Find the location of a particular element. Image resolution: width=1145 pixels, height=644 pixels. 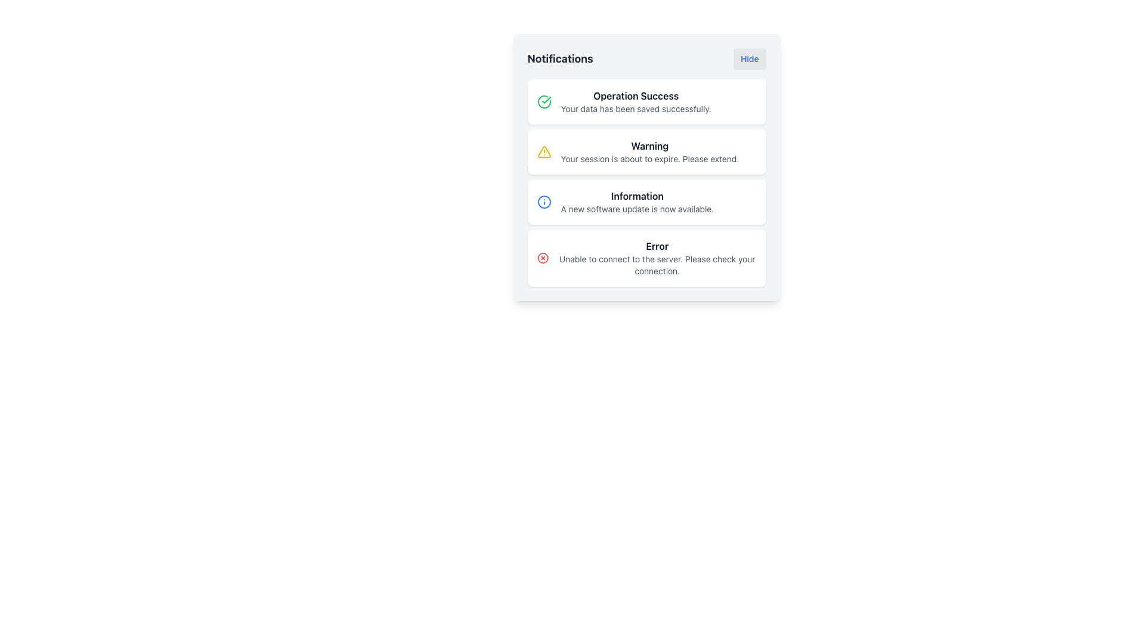

the circular icon with a blue border and white background, which is part of the 'Information' icon in the notification list is located at coordinates (543, 202).